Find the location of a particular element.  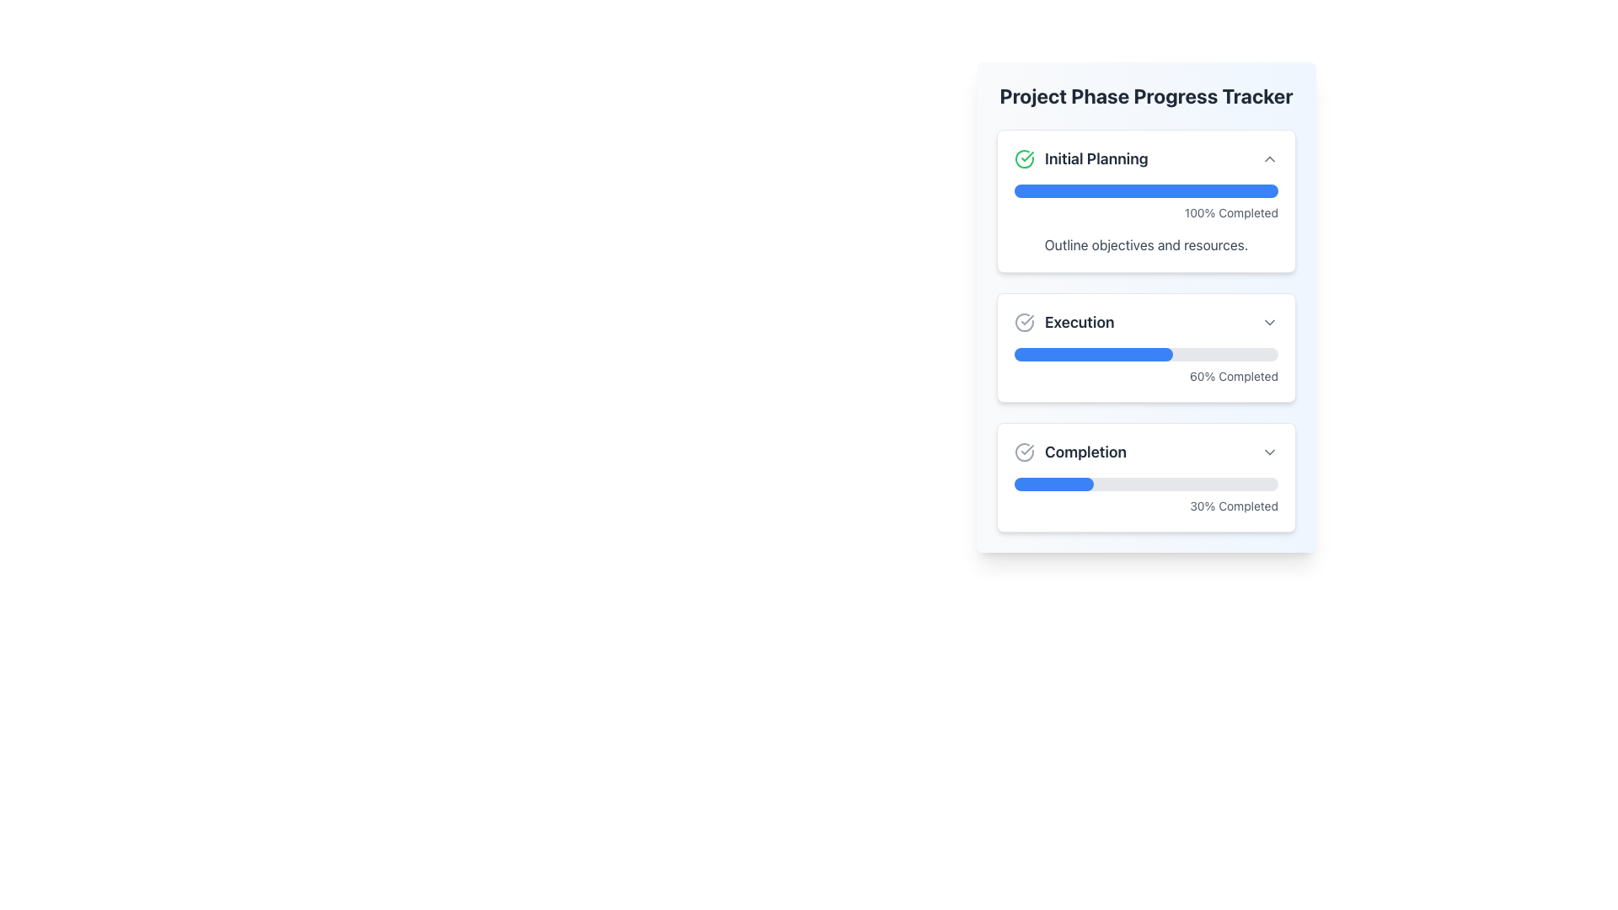

the Text label that identifies the current phase in the Project Phase Progress Tracker section is located at coordinates (1080, 322).